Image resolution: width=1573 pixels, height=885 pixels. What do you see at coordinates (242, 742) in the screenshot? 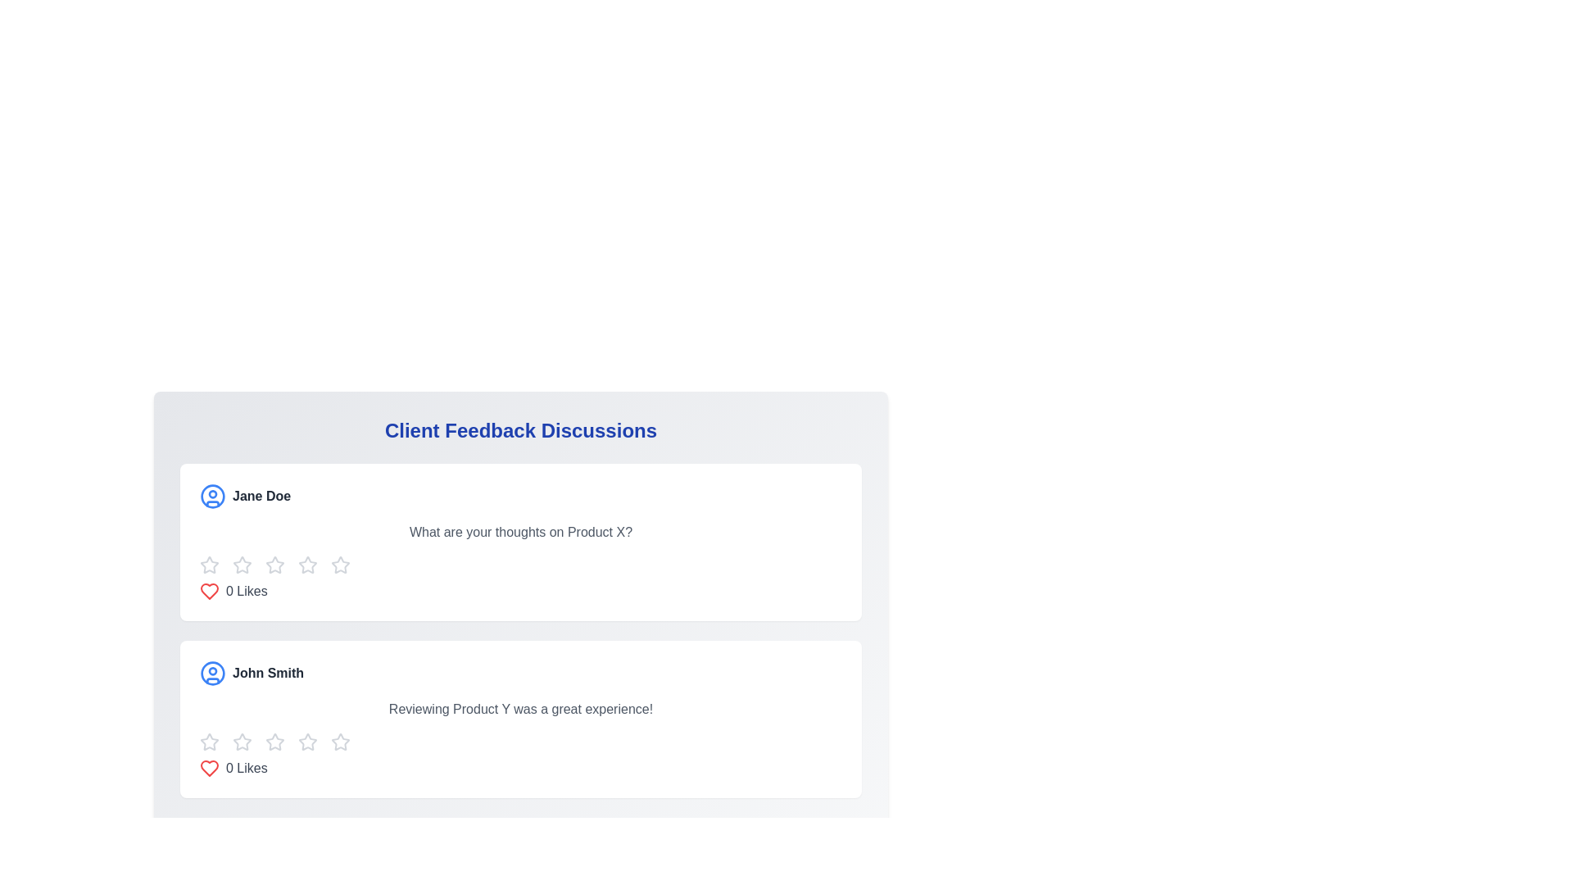
I see `the second star-shaped rating icon in the user feedback section below 'John Smith'` at bounding box center [242, 742].